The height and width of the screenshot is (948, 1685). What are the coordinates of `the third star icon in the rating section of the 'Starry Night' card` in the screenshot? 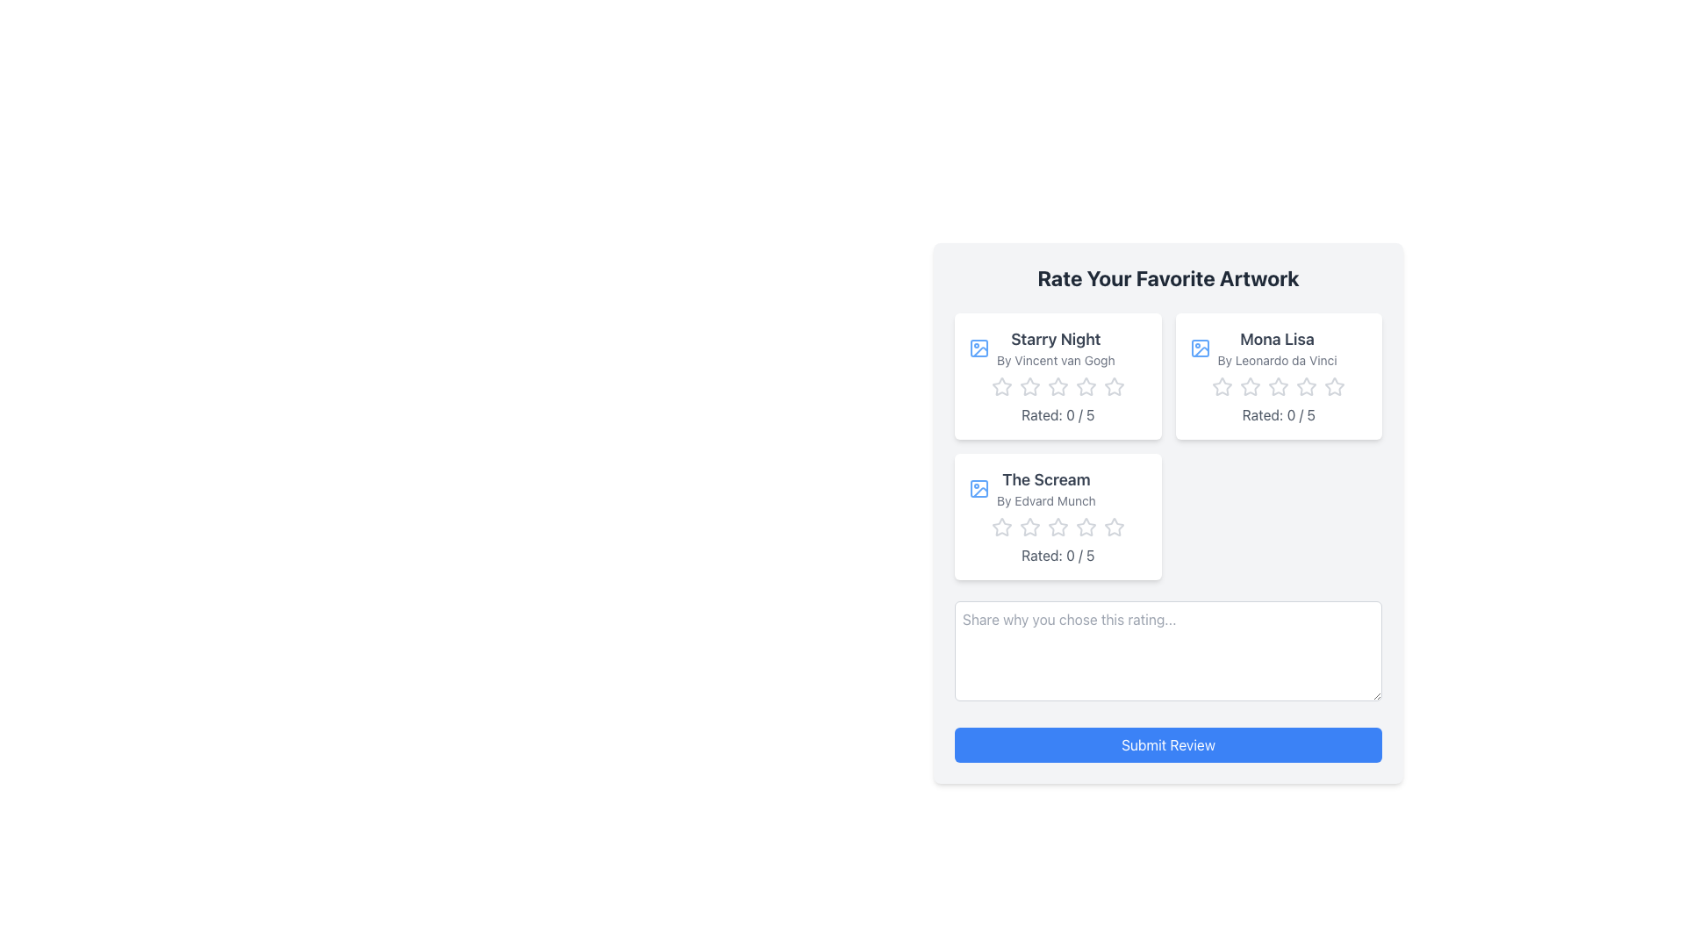 It's located at (1085, 385).